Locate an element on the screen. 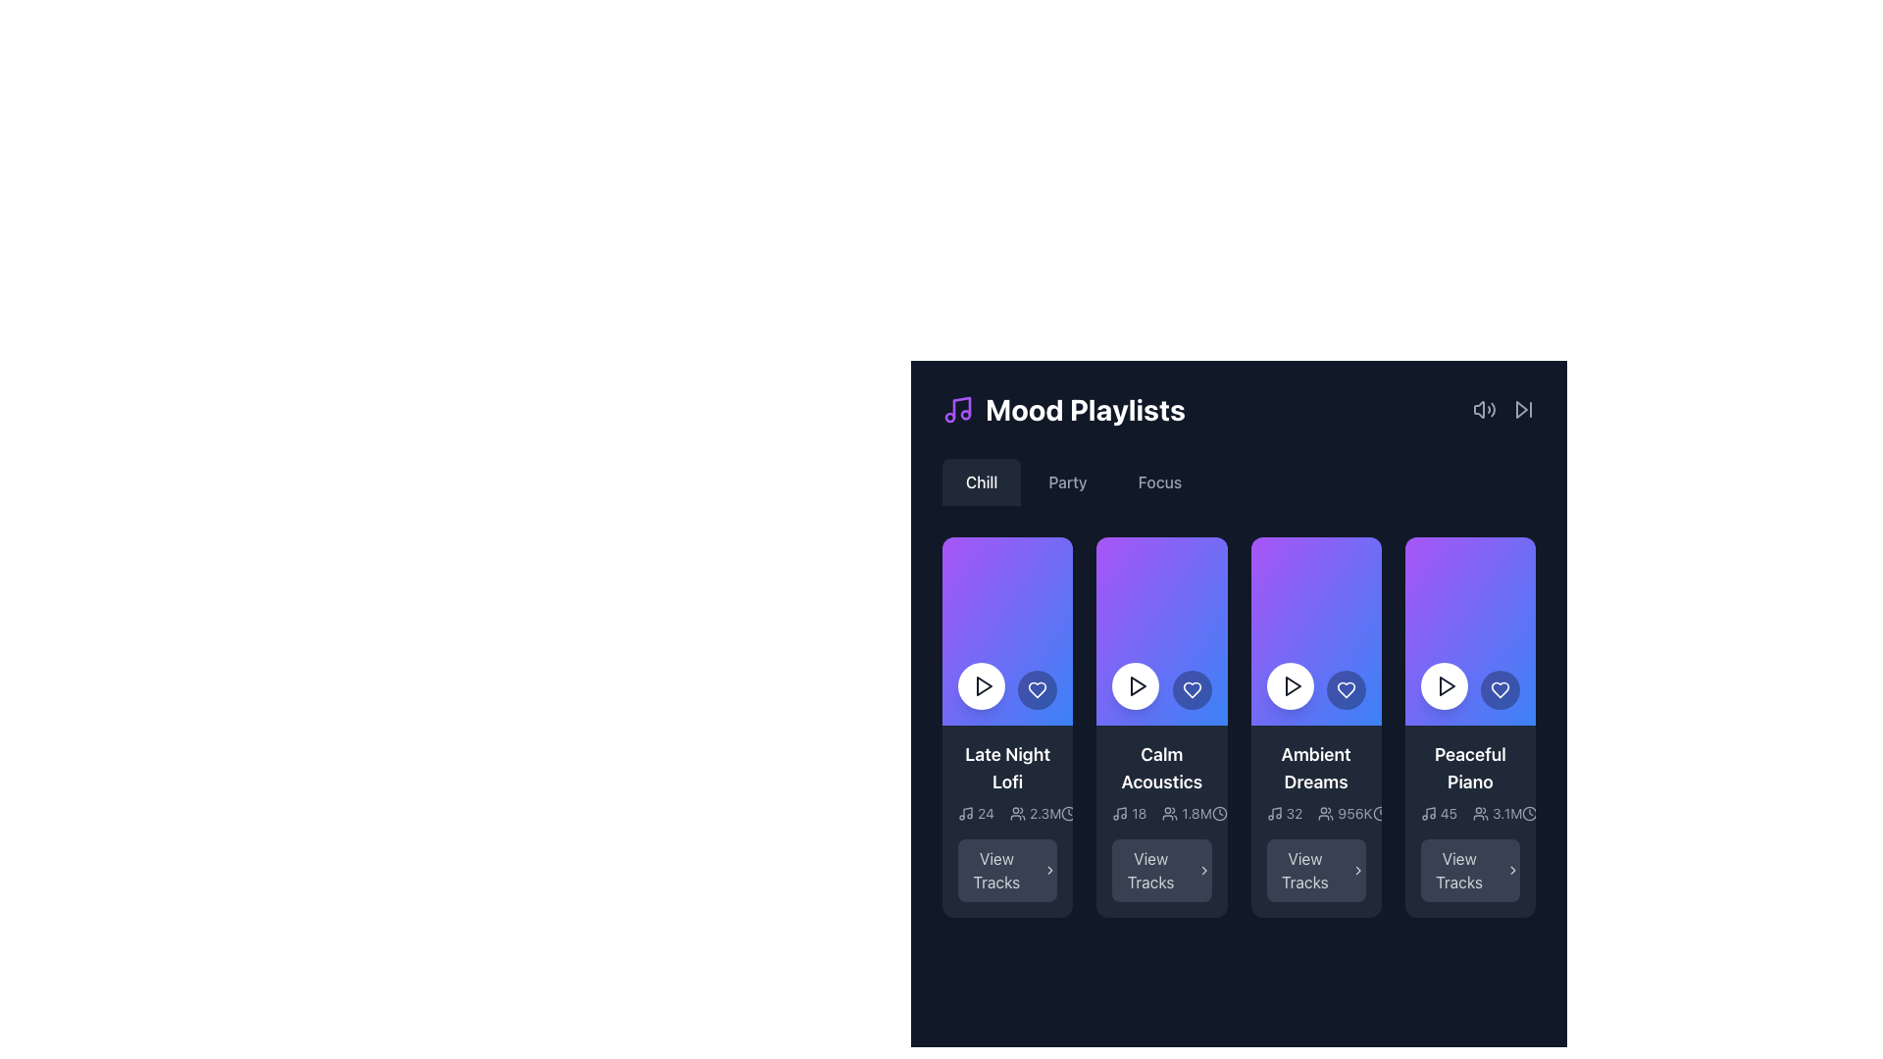 This screenshot has height=1059, width=1883. the interactive icon located to the right of the 'View Tracks' text within the 'View Tracks' button on the 'Peaceful Piano' card in the 'Mood Playlists' interface to trigger any visual or interactive effects is located at coordinates (1511, 869).